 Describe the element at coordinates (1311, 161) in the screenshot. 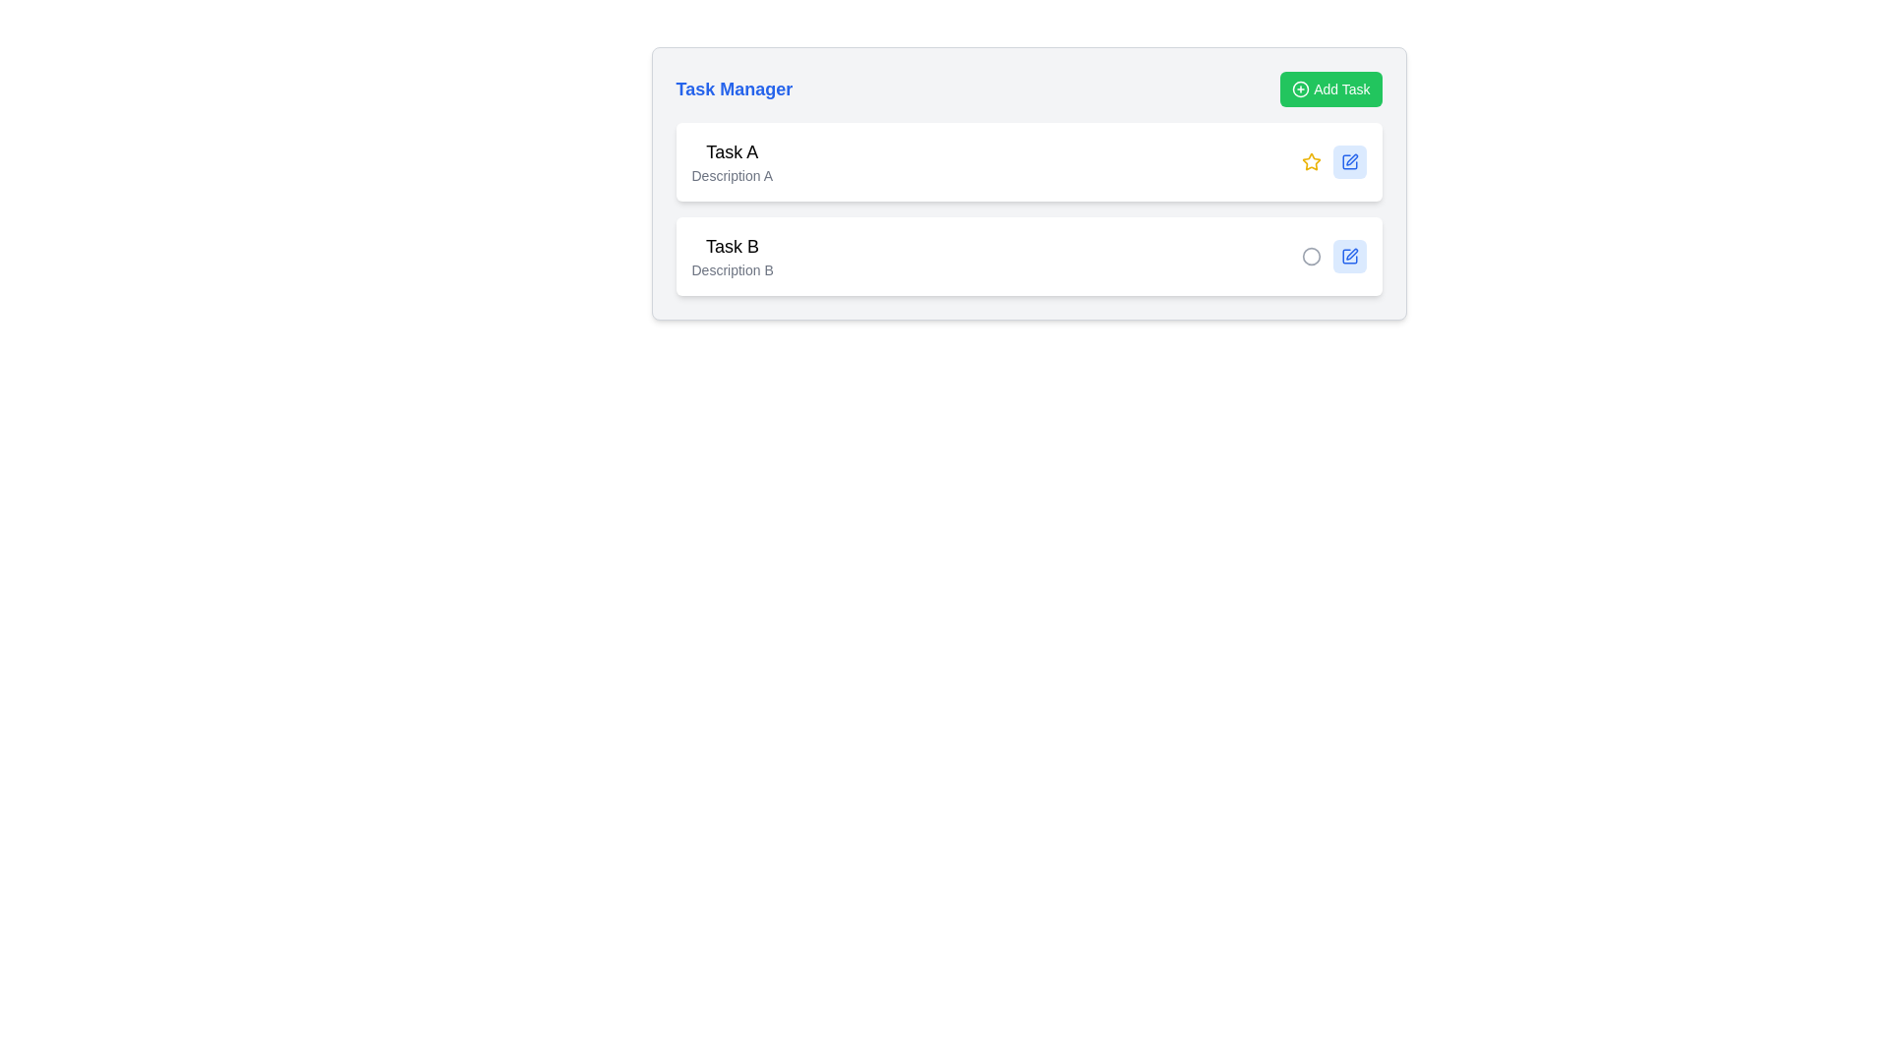

I see `the star icon located in the right section of the task list interface, adjacent to the edit button of the 'Task A' item to indicate its importance or priority` at that location.